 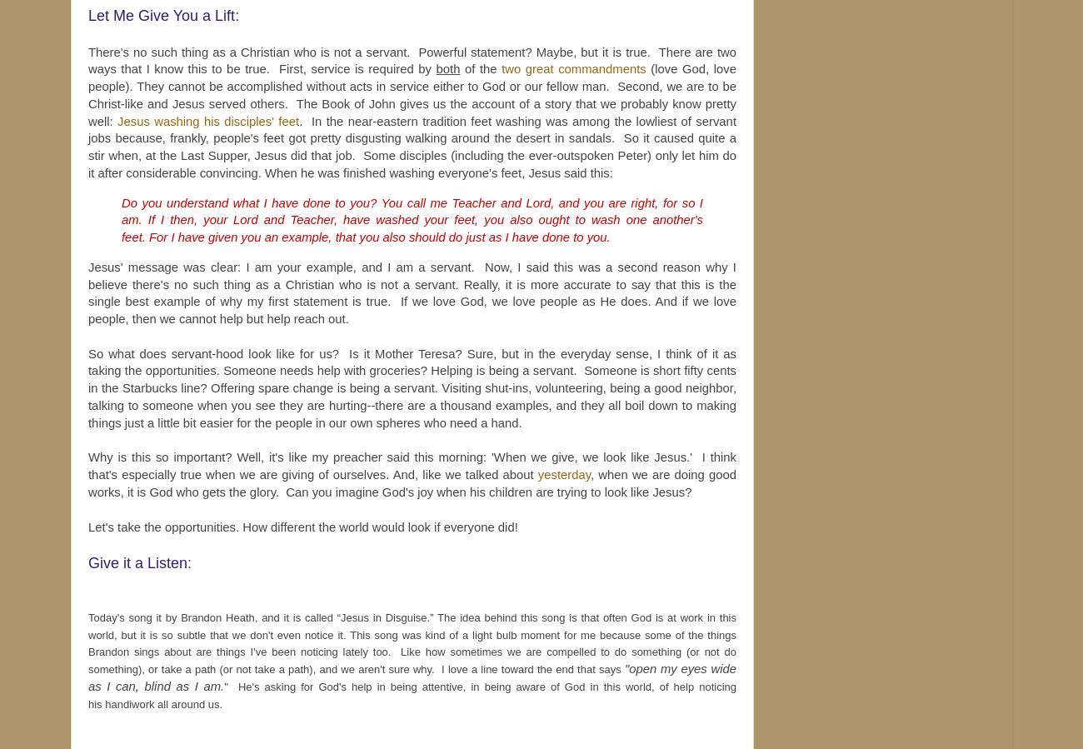 I want to click on '(love God, love people). They cannot be accomplished without acts in service either to God or our fellow man.  Second, we are to be Christ-like and Jesus served others.  The Book of John gives us the account of a story that we probably know pretty well:', so click(x=412, y=93).